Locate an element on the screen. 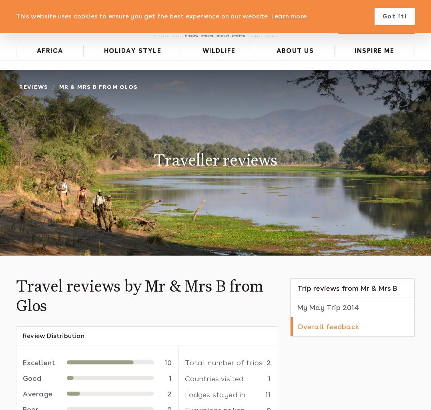  'Review Distribution' is located at coordinates (53, 335).